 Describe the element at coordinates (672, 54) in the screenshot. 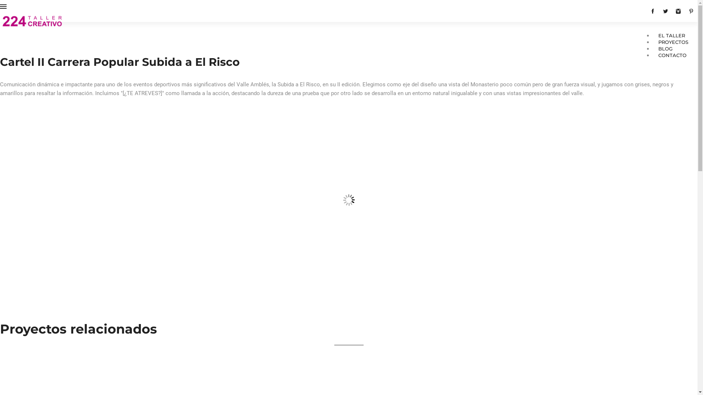

I see `'CONTACTO'` at that location.